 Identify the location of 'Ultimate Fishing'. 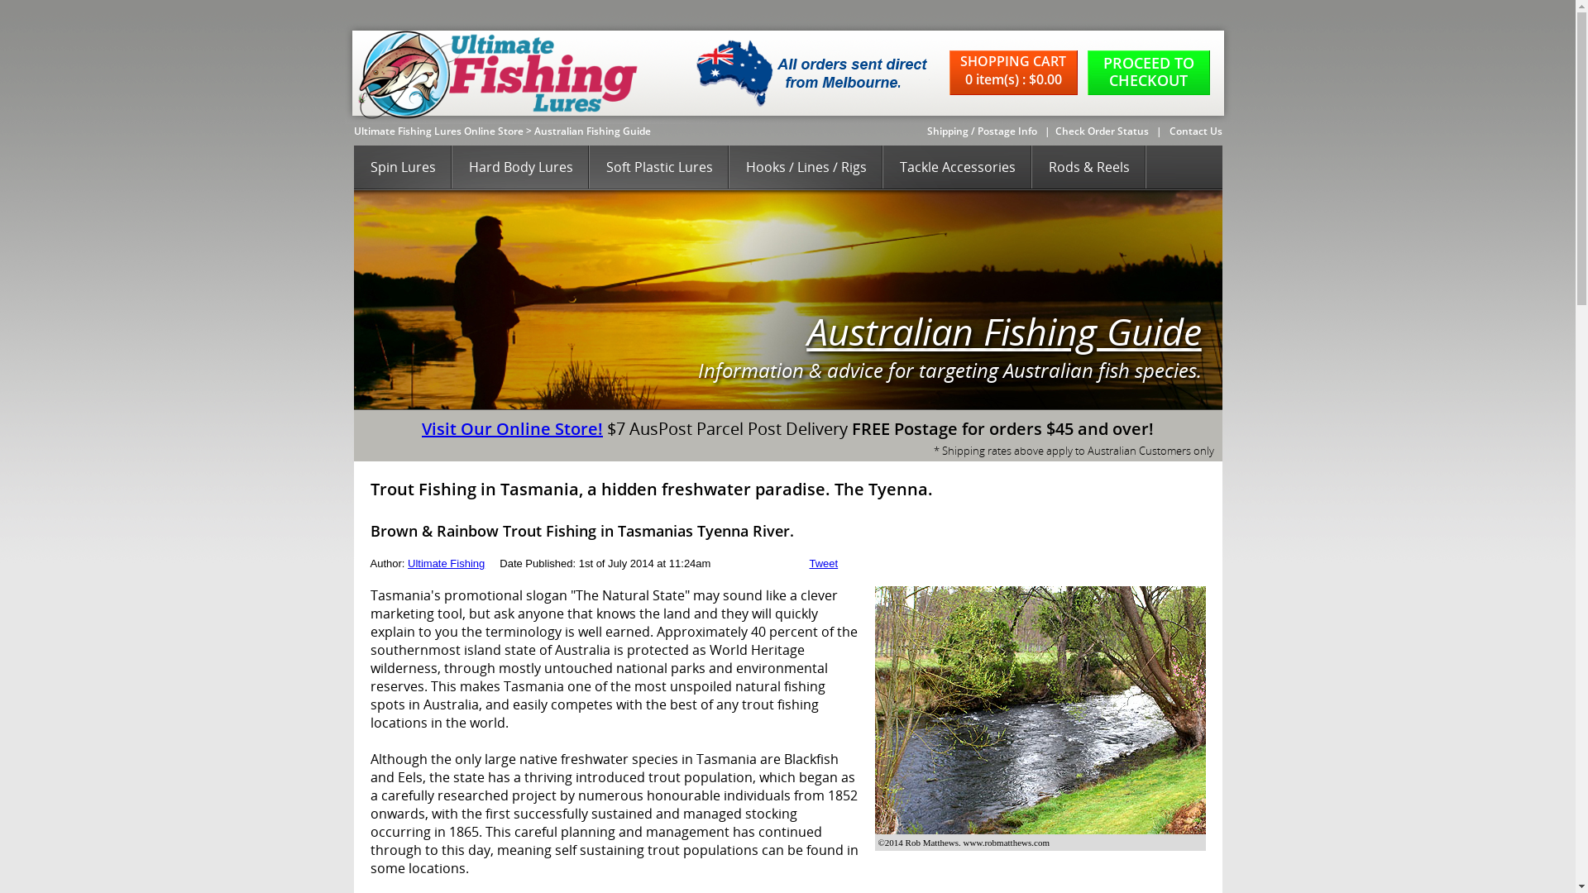
(446, 562).